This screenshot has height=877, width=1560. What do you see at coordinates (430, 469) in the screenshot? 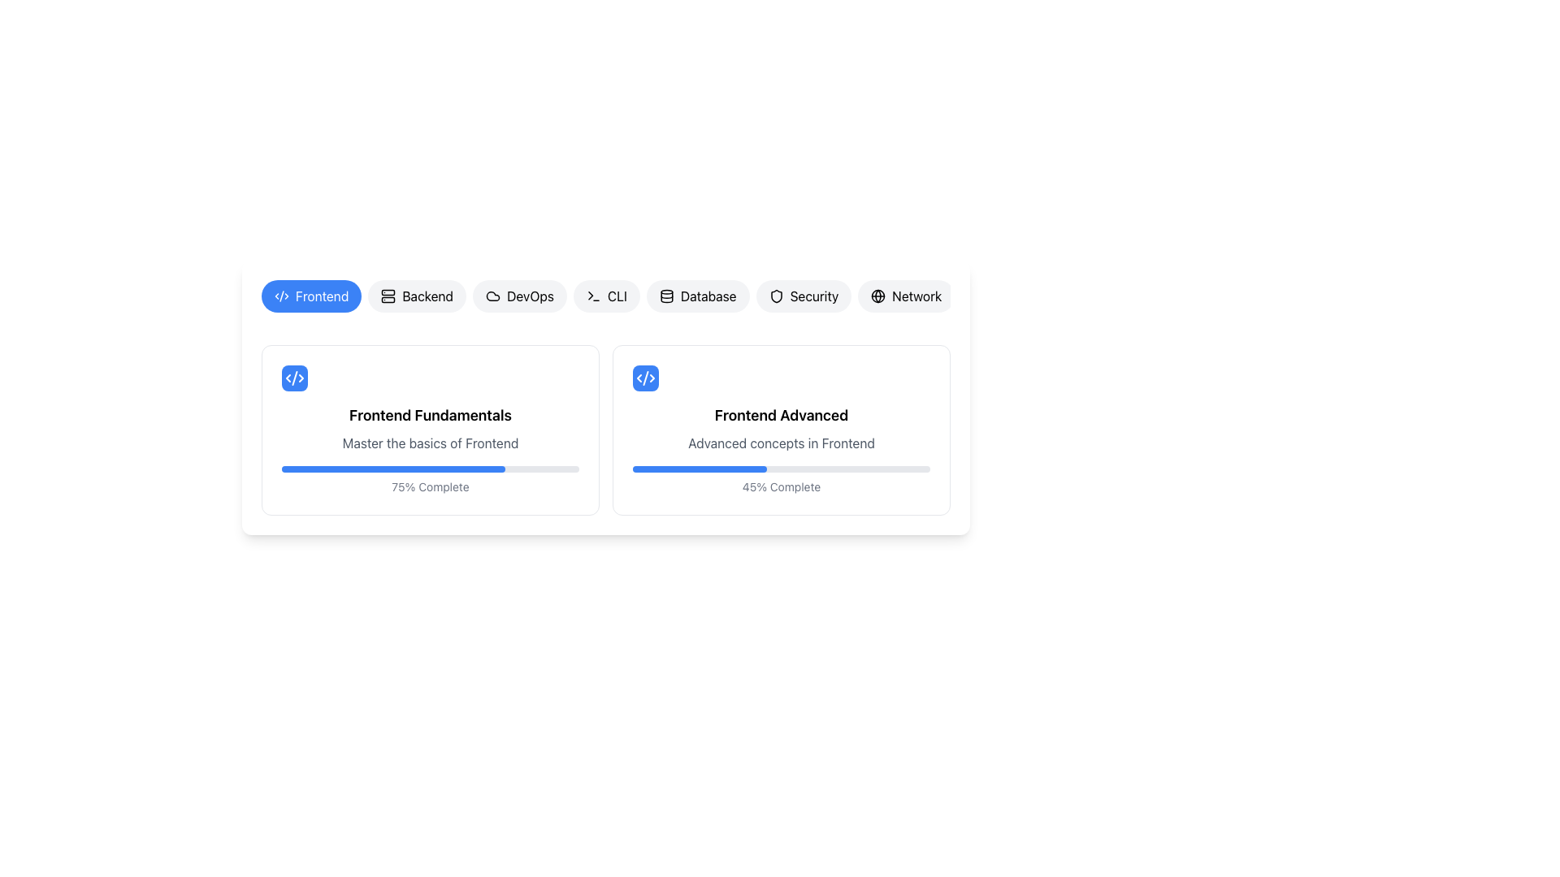
I see `the Progress Bar located within the card labeled 'Frontend Fundamentals', which indicates the progress of a task or course module` at bounding box center [430, 469].